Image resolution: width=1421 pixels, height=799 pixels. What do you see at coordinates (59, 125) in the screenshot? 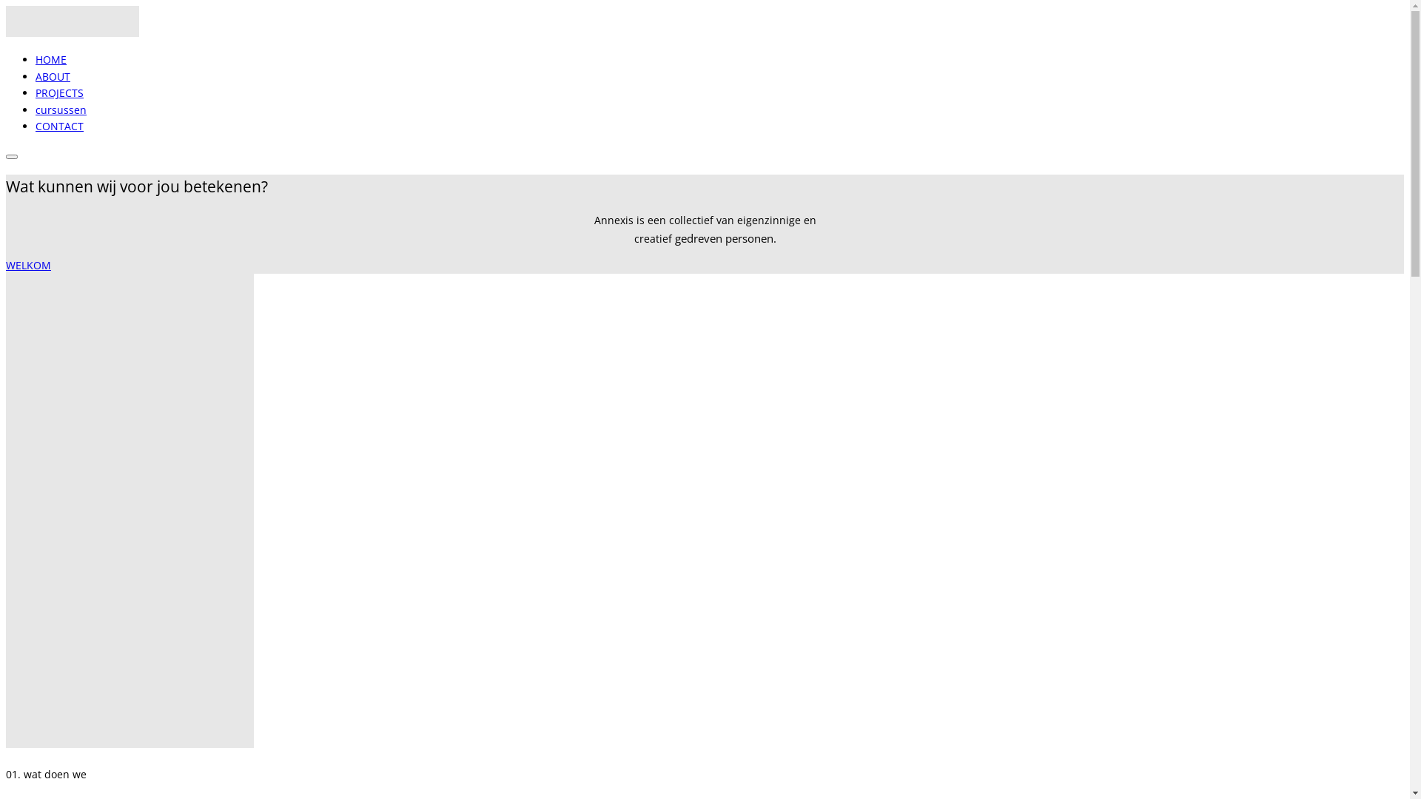
I see `'CONTACT'` at bounding box center [59, 125].